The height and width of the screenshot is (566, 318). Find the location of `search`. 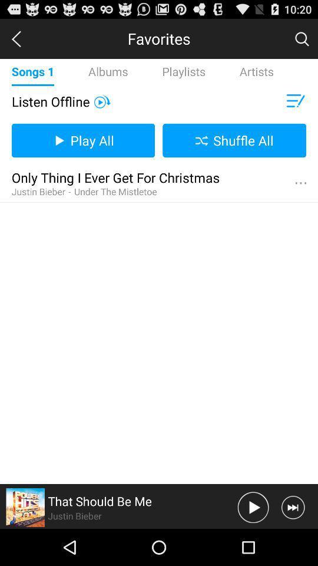

search is located at coordinates (302, 38).